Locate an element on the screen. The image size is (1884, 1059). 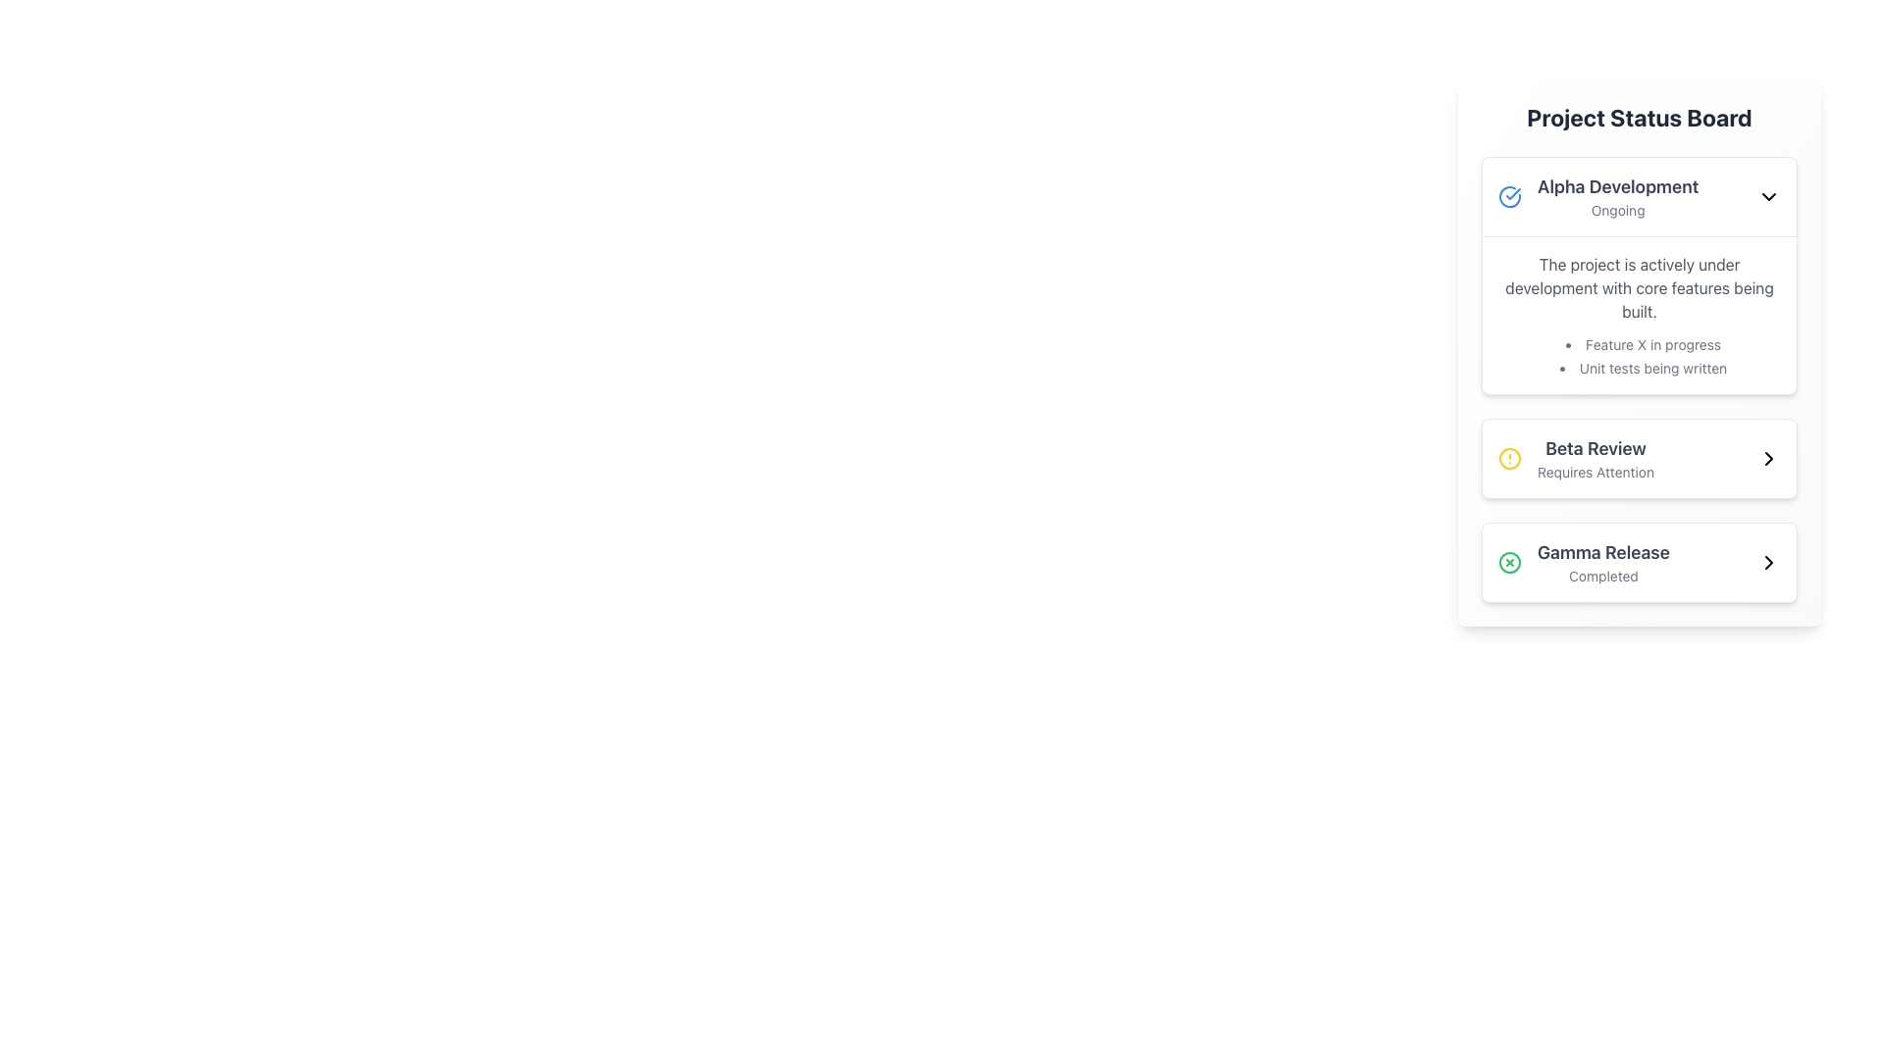
the Card Element indicating the 'Gamma Release' phase has been completed, which is the third card in the vertically stacked list within the 'Project Status Board.' is located at coordinates (1639, 563).